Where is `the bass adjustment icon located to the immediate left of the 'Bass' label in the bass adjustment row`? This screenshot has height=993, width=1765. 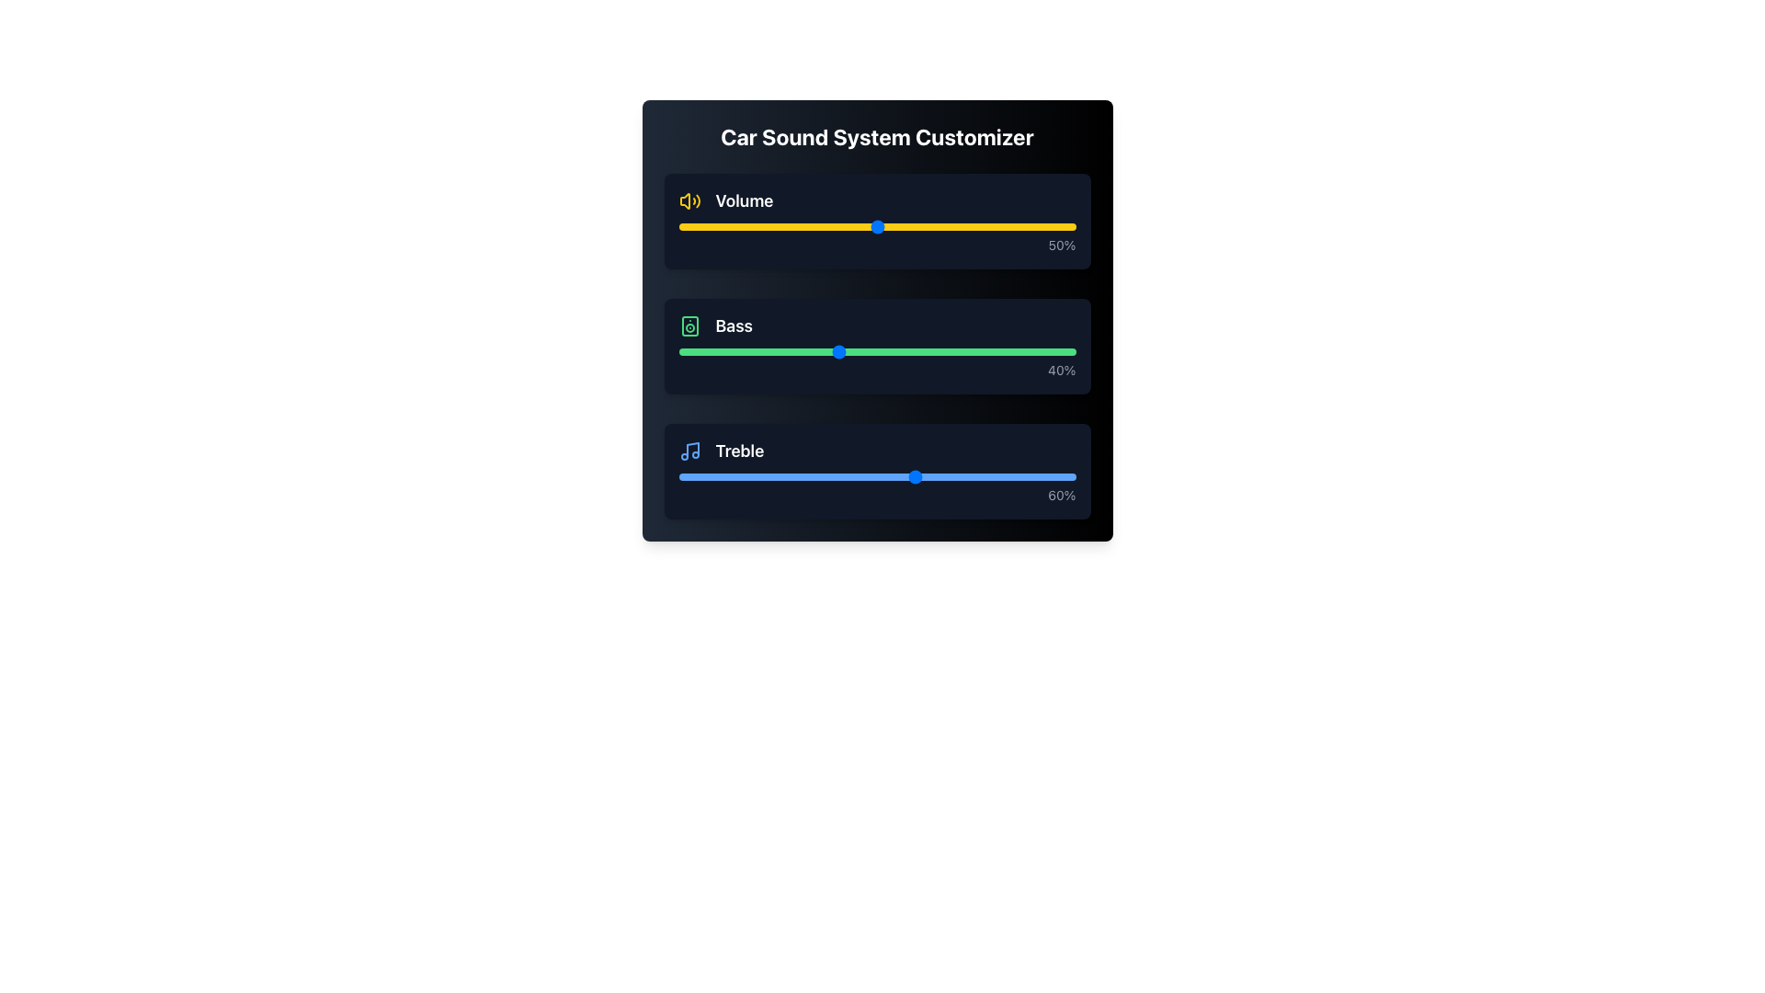
the bass adjustment icon located to the immediate left of the 'Bass' label in the bass adjustment row is located at coordinates (689, 325).